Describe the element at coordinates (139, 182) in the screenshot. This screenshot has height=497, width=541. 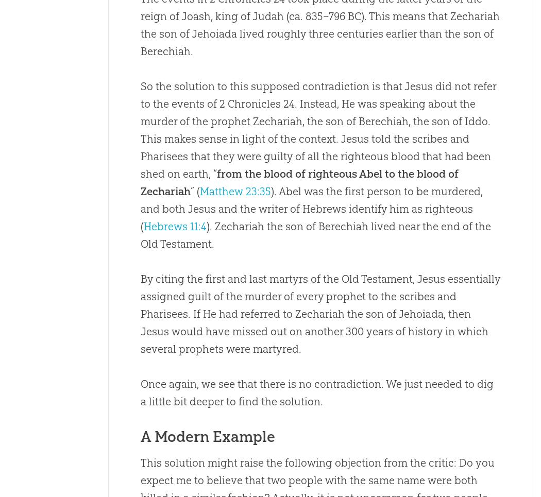
I see `'from the blood of righteous Abel to the blood of Zechariah'` at that location.